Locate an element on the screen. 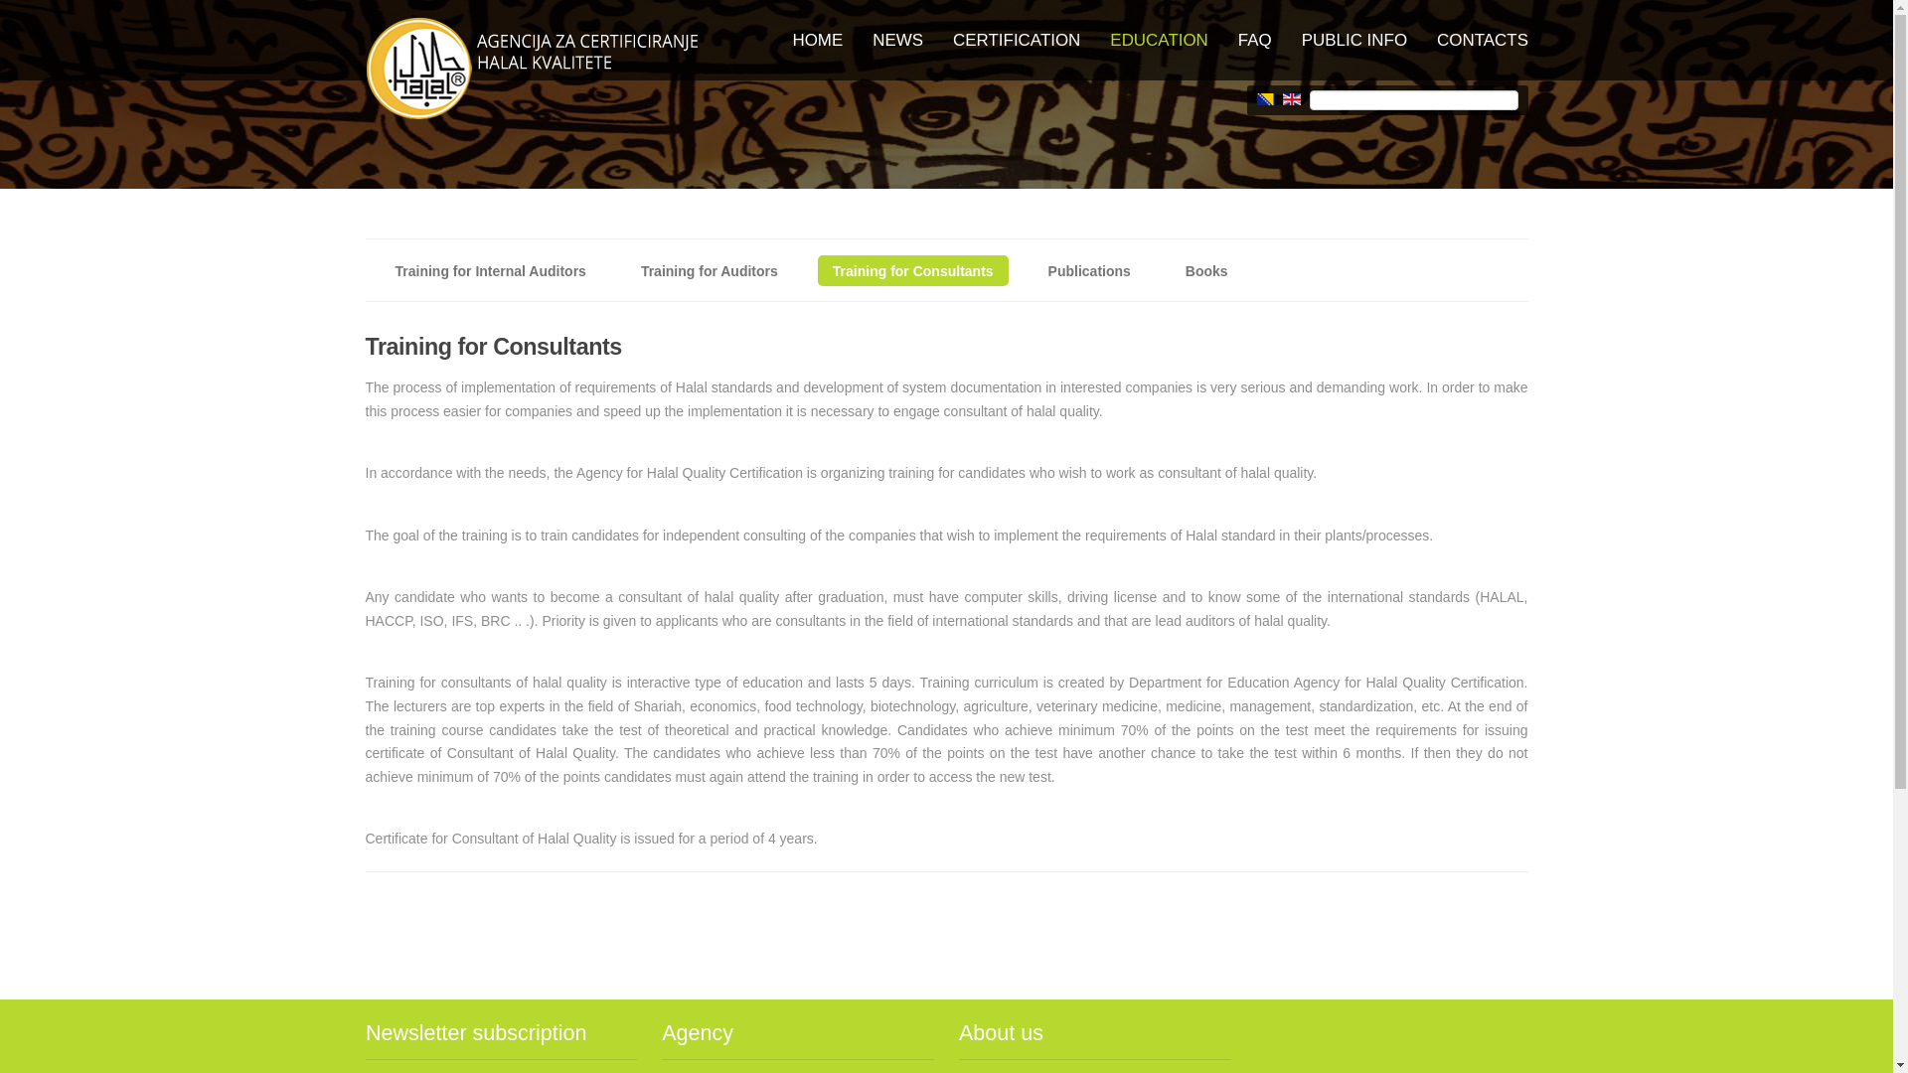 Image resolution: width=1908 pixels, height=1073 pixels. 'HOME' is located at coordinates (817, 46).